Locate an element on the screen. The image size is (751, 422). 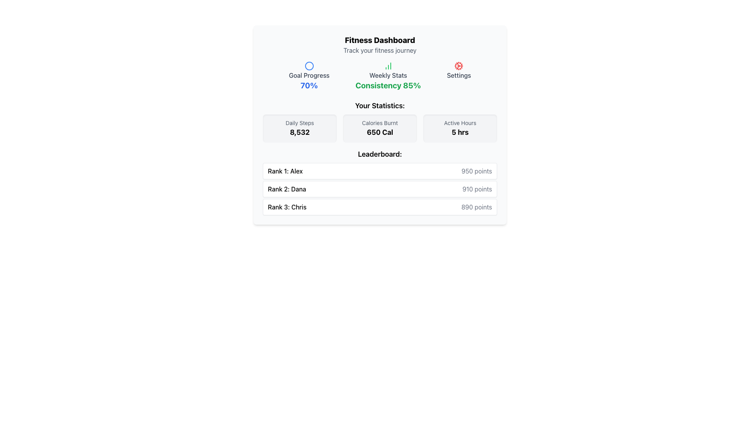
the Text Label that serves as the heading for the leaderboard section, which is centrally positioned above the ranking information list is located at coordinates (380, 154).